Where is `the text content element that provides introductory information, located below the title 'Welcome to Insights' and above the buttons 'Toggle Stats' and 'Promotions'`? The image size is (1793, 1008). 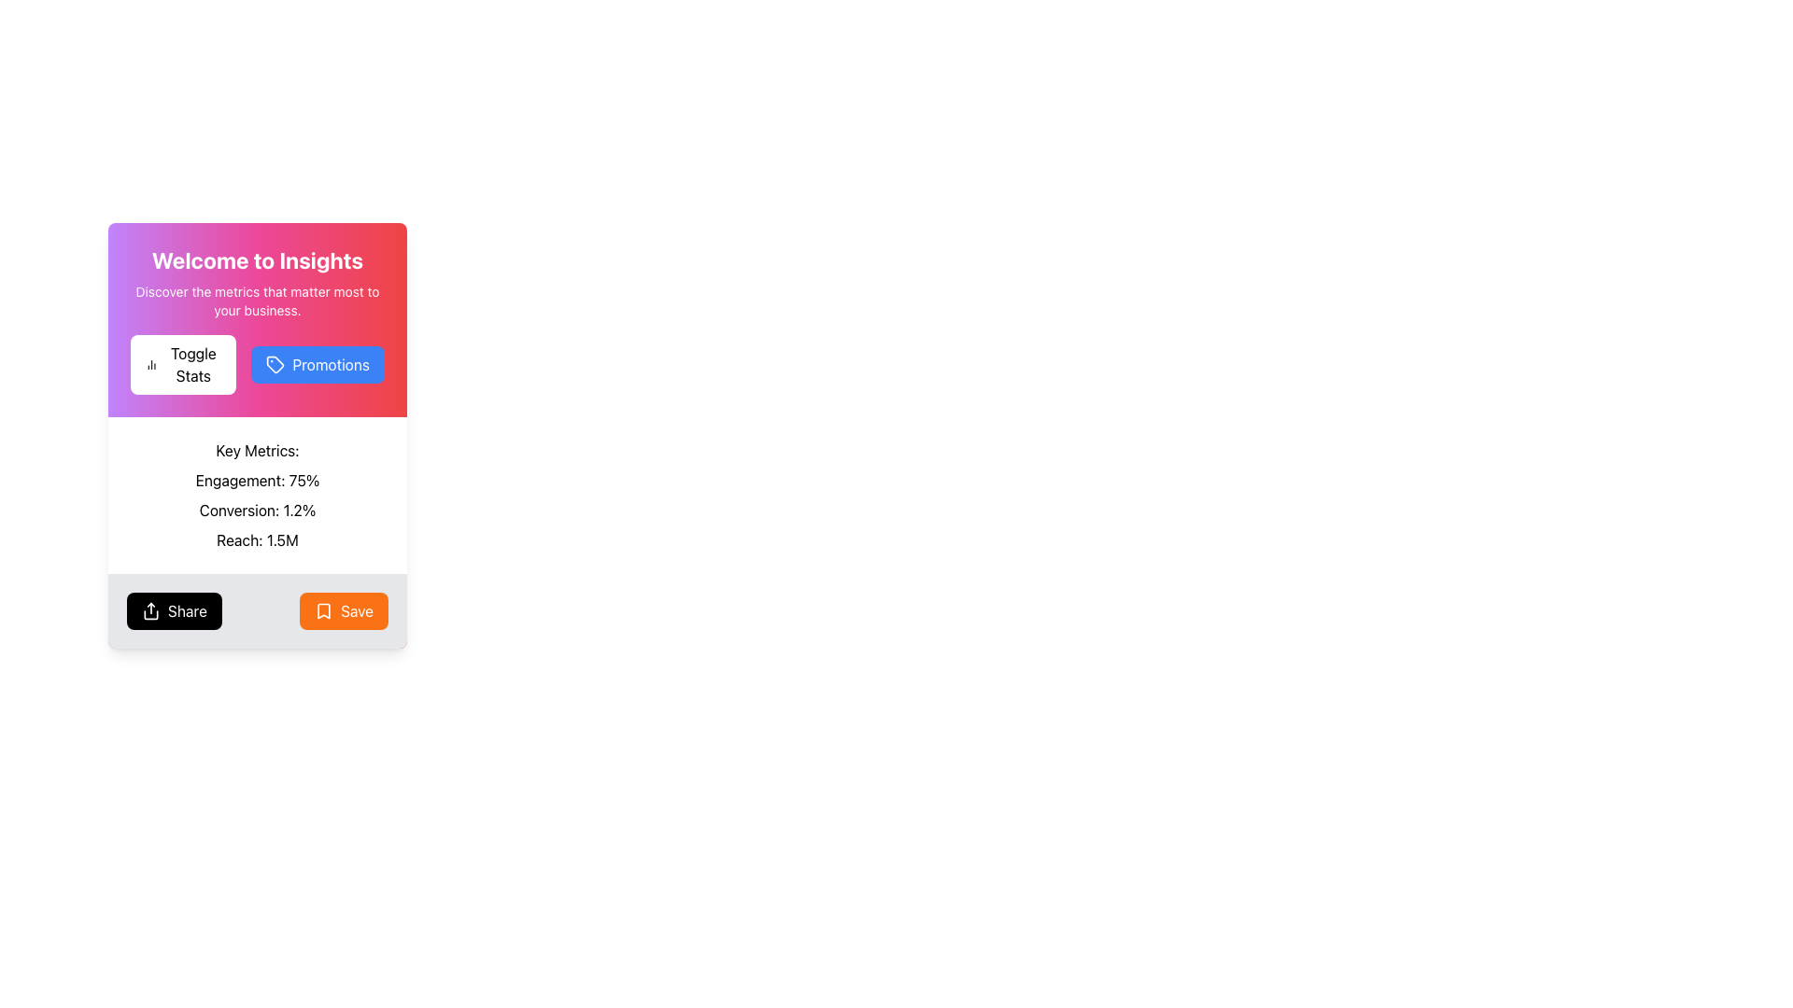 the text content element that provides introductory information, located below the title 'Welcome to Insights' and above the buttons 'Toggle Stats' and 'Promotions' is located at coordinates (256, 301).